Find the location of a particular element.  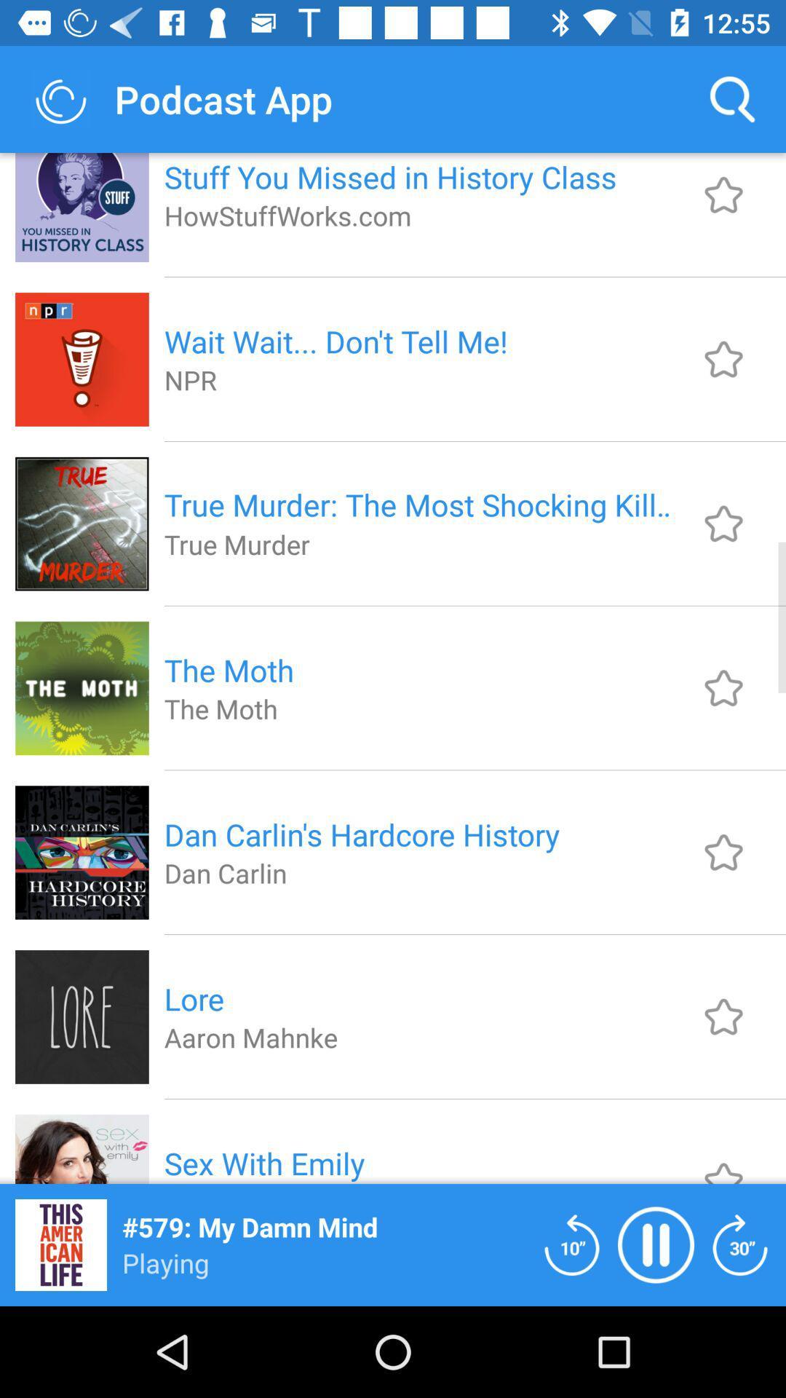

star is located at coordinates (723, 524).